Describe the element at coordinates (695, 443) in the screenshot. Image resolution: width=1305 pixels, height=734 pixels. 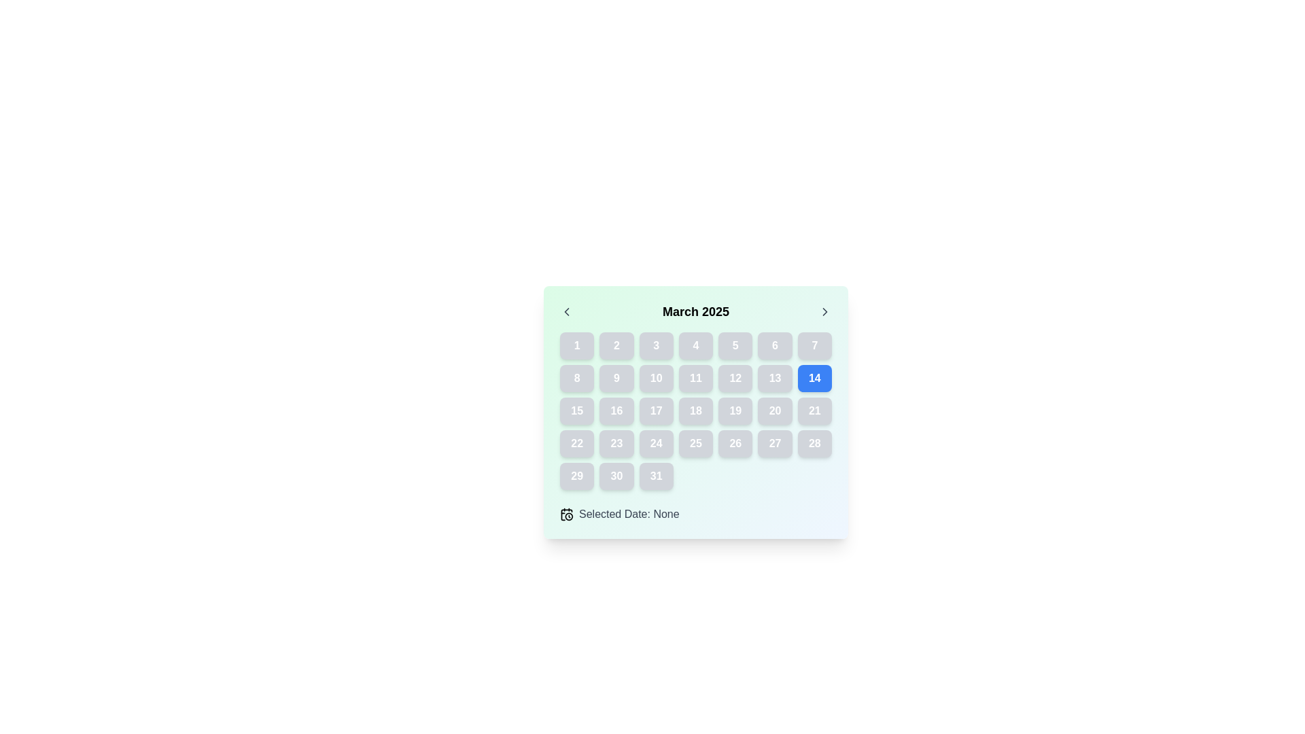
I see `the button representing the 25th day of March 2025 in the calendar` at that location.